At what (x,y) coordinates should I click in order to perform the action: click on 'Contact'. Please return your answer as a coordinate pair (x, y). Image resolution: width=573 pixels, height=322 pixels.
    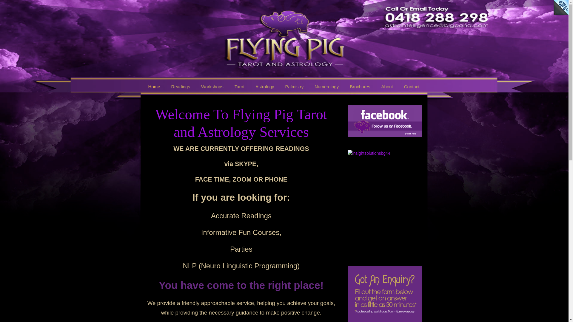
    Looking at the image, I should click on (412, 86).